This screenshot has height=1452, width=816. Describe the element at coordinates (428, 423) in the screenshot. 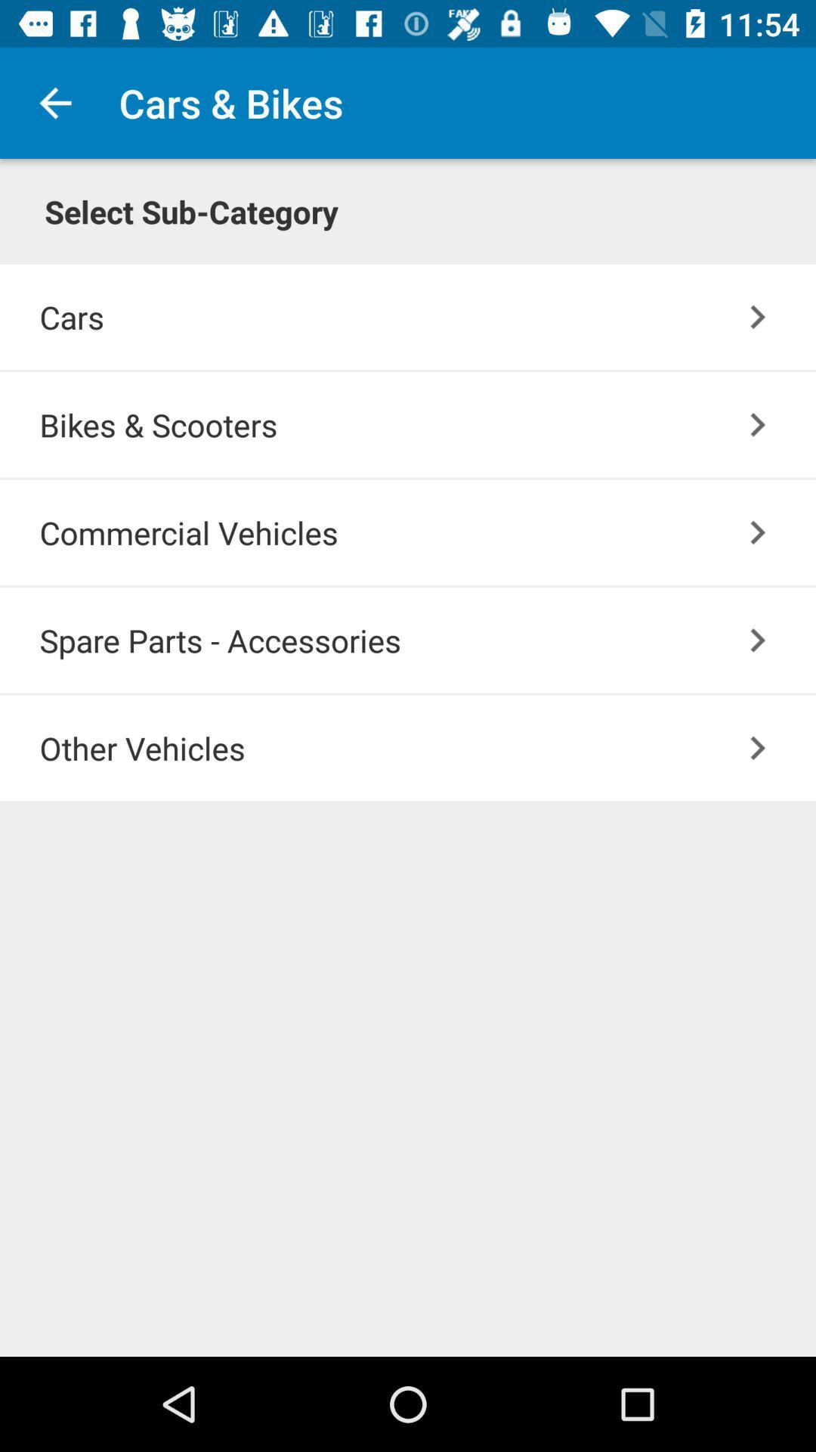

I see `bikes & scooters` at that location.